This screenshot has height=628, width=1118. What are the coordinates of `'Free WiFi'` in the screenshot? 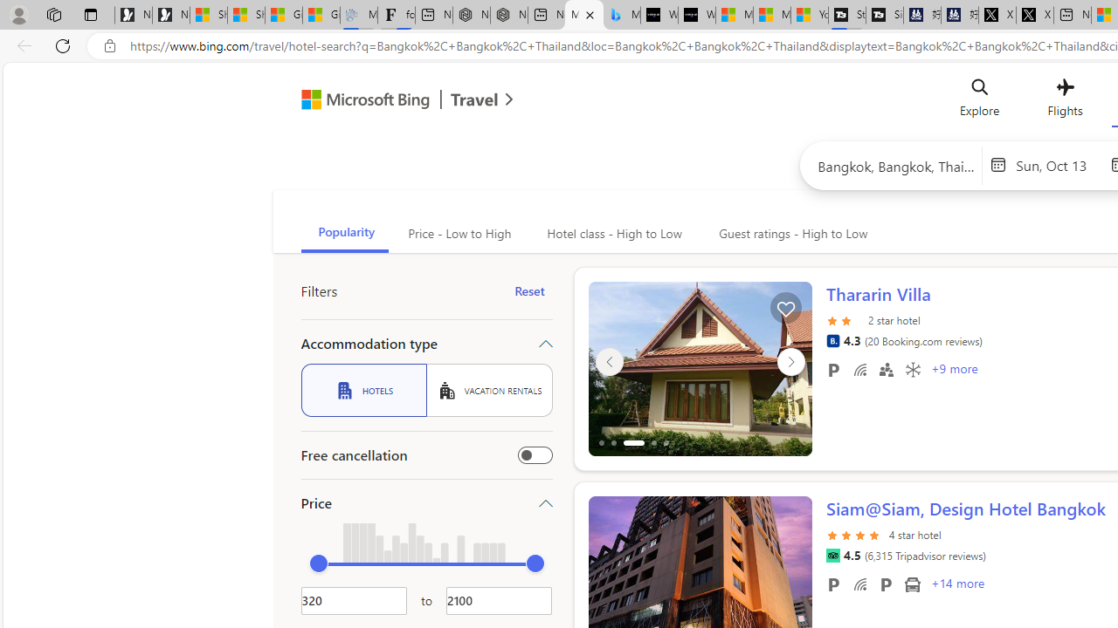 It's located at (859, 584).